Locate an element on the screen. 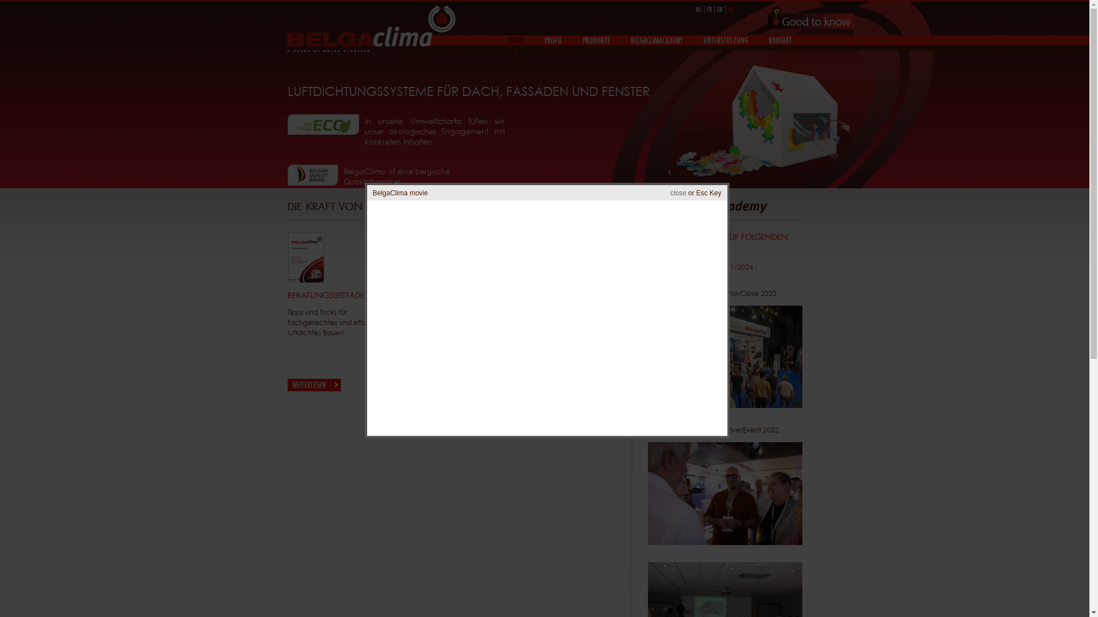  'DE' is located at coordinates (729, 9).